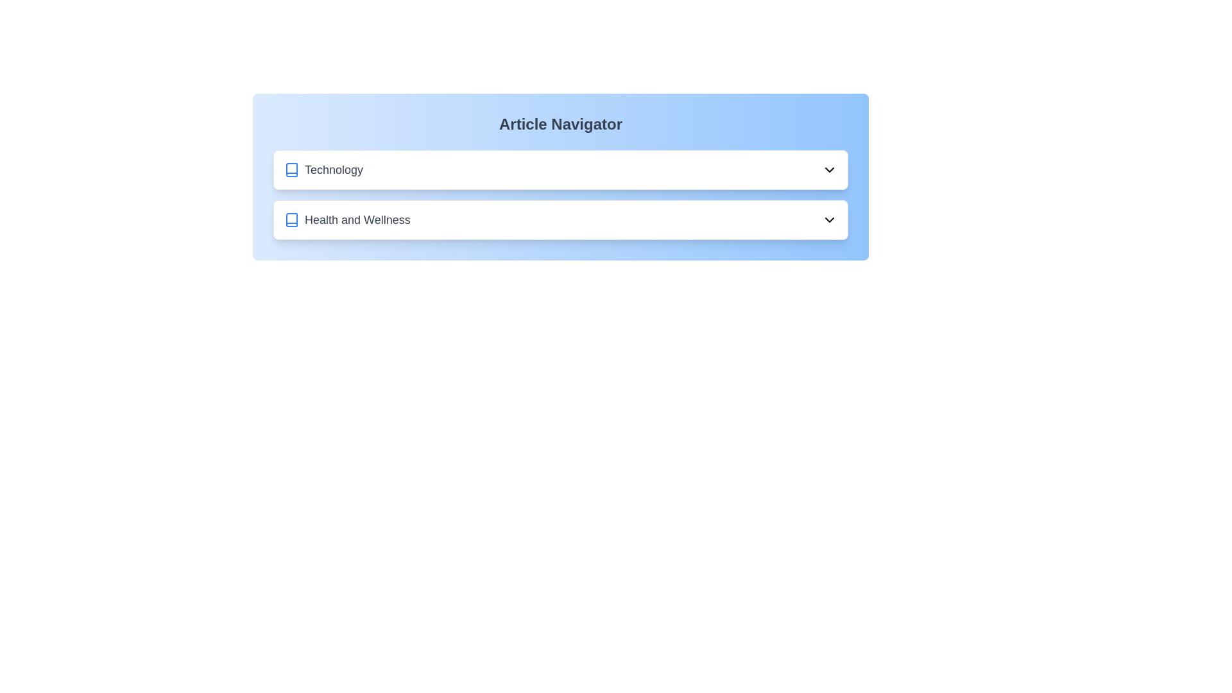  I want to click on the book icon located in the upper selection box beside the 'Technology' text label, which is the first item under 'Article Navigator', so click(291, 169).